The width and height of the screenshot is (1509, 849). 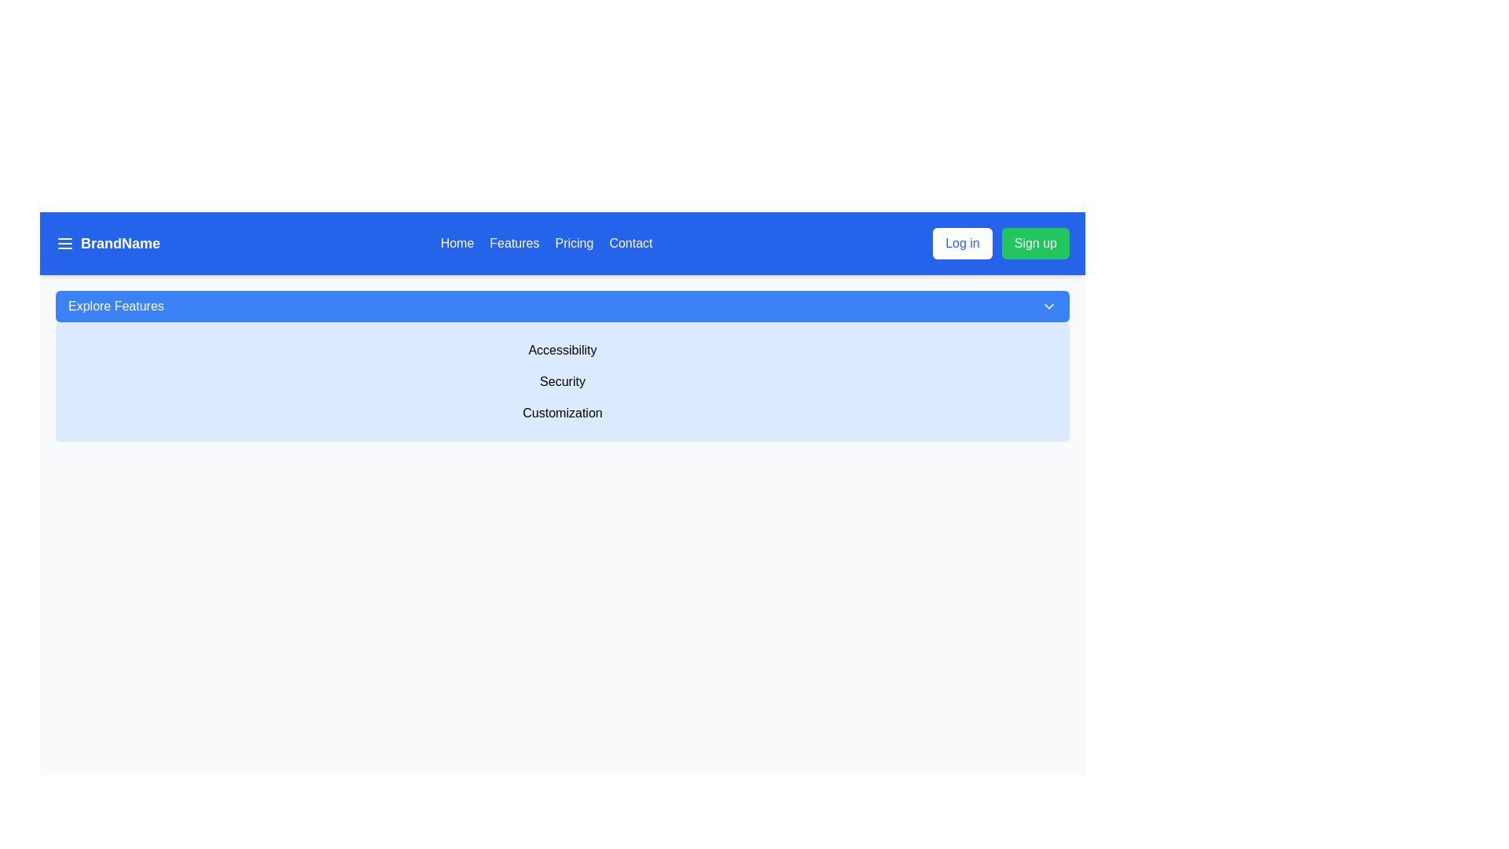 What do you see at coordinates (1048, 306) in the screenshot?
I see `the small chevron-down icon located on the far right of the 'Explore Features' button` at bounding box center [1048, 306].